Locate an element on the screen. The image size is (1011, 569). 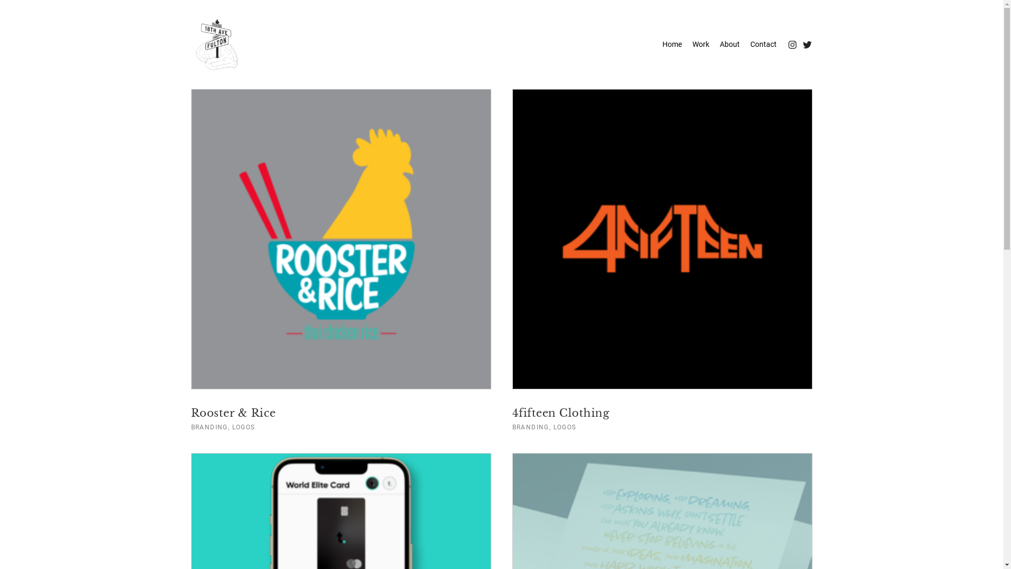
'Home' is located at coordinates (671, 44).